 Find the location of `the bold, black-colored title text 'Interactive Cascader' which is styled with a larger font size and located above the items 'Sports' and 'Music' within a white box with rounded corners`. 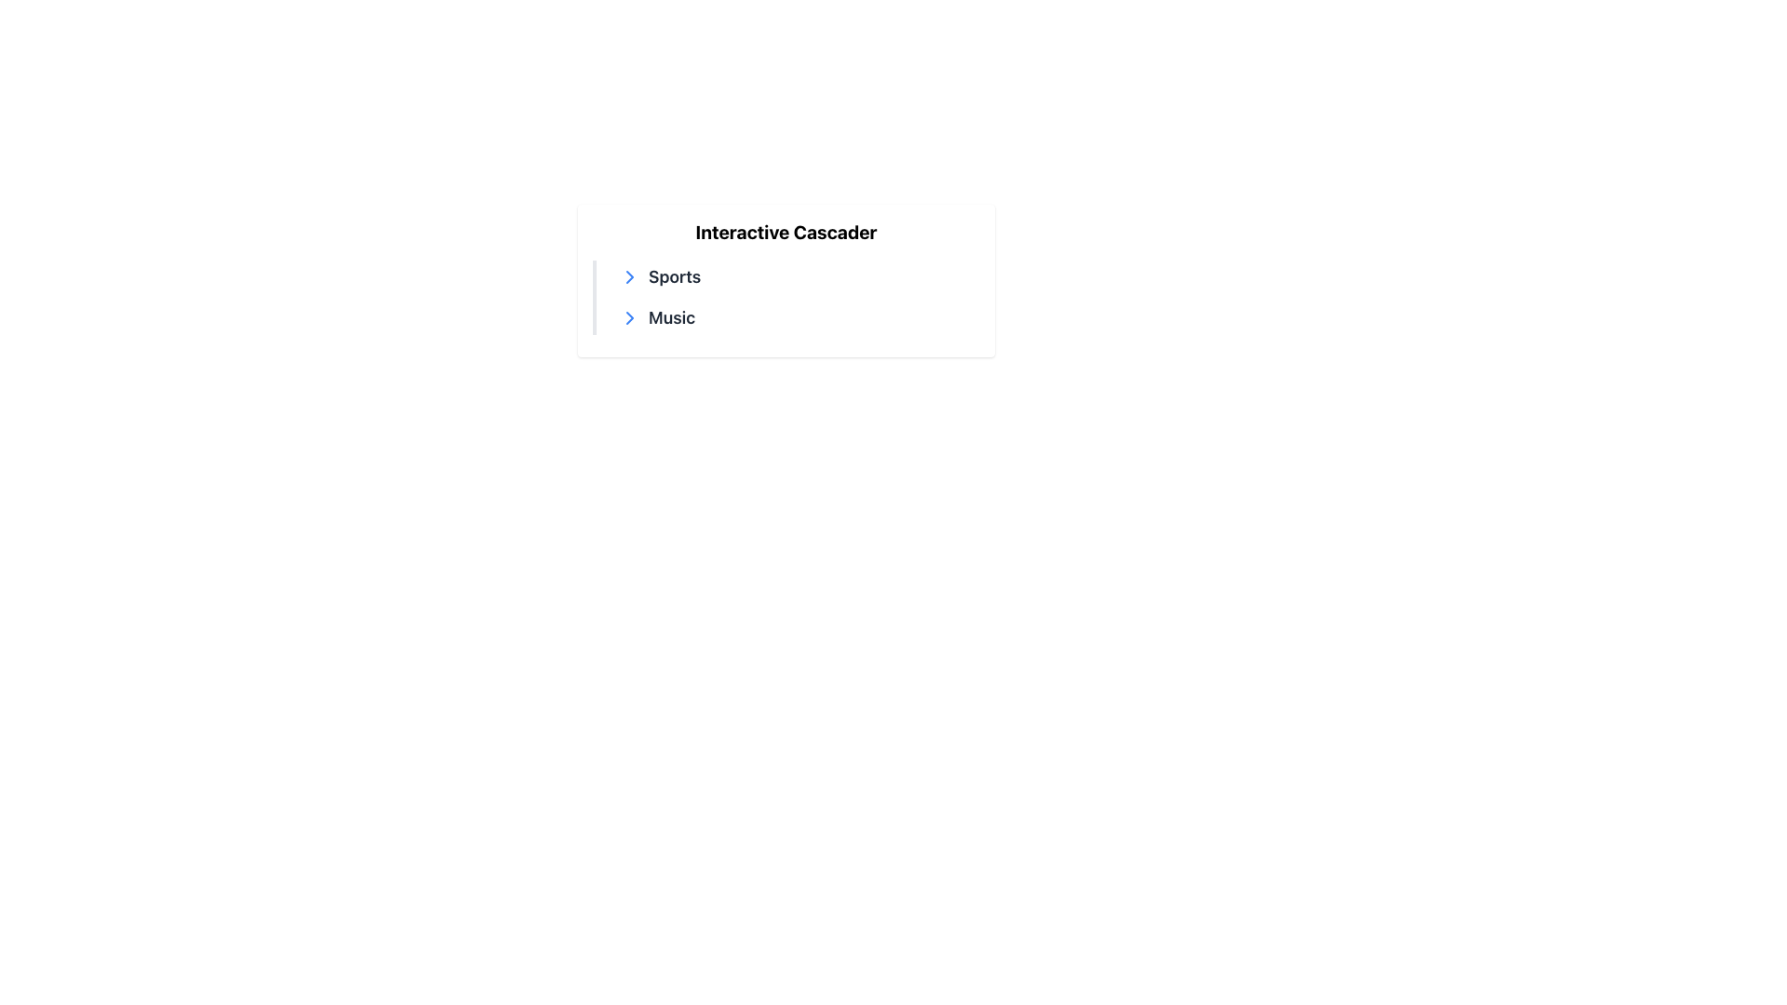

the bold, black-colored title text 'Interactive Cascader' which is styled with a larger font size and located above the items 'Sports' and 'Music' within a white box with rounded corners is located at coordinates (786, 232).